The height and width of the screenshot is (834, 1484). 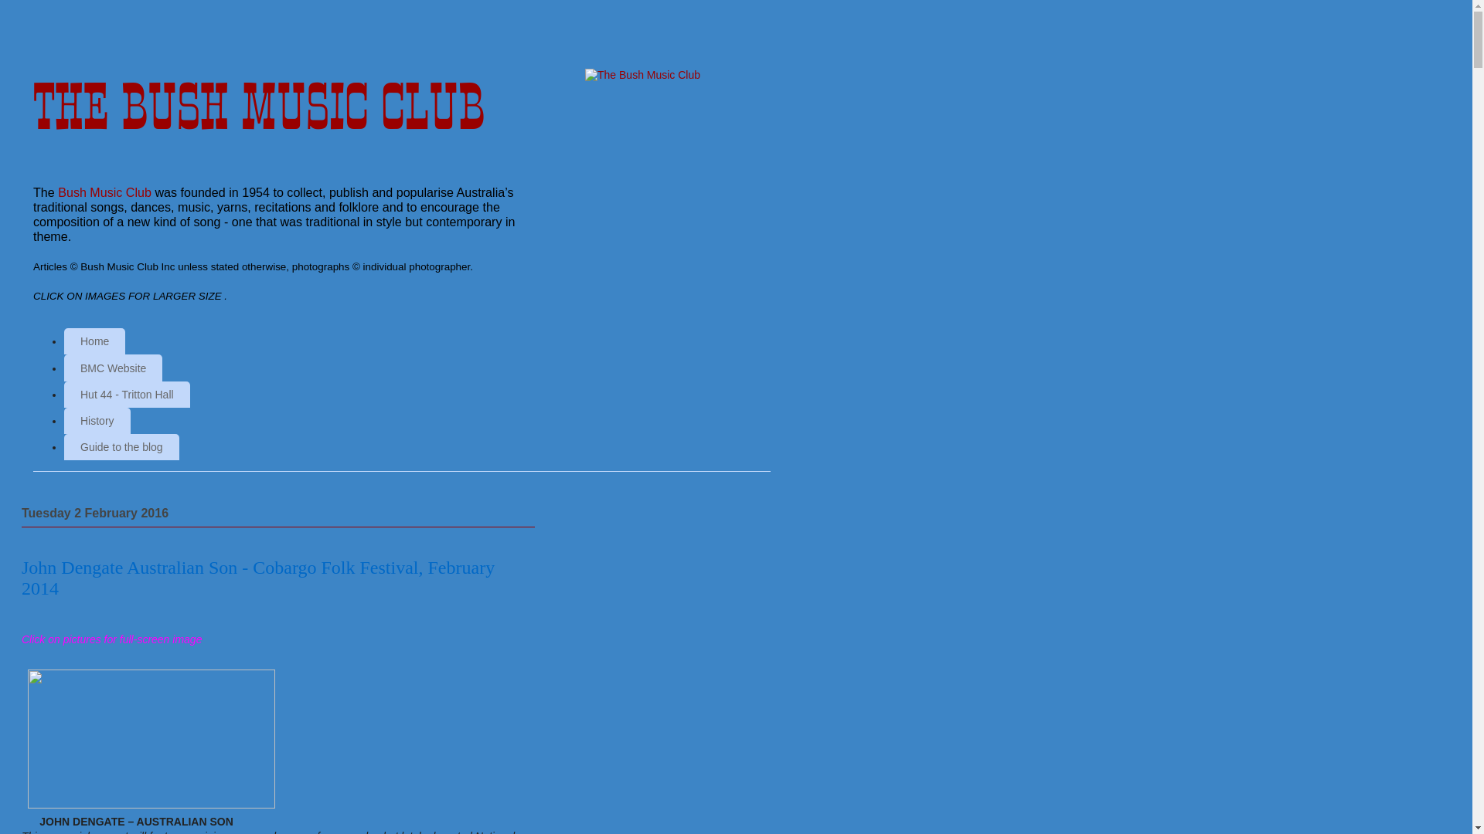 What do you see at coordinates (121, 446) in the screenshot?
I see `'Guide to the blog'` at bounding box center [121, 446].